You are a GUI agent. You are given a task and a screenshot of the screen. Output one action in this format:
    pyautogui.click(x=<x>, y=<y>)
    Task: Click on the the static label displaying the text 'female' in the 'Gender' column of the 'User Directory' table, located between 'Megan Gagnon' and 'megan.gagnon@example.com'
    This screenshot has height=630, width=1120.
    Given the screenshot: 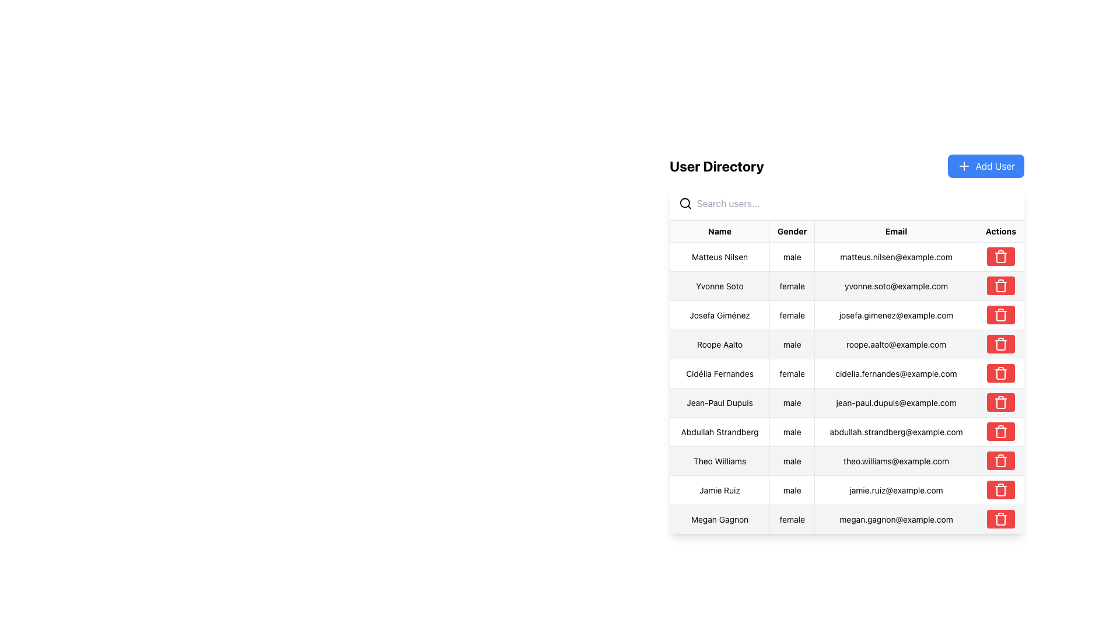 What is the action you would take?
    pyautogui.click(x=792, y=519)
    